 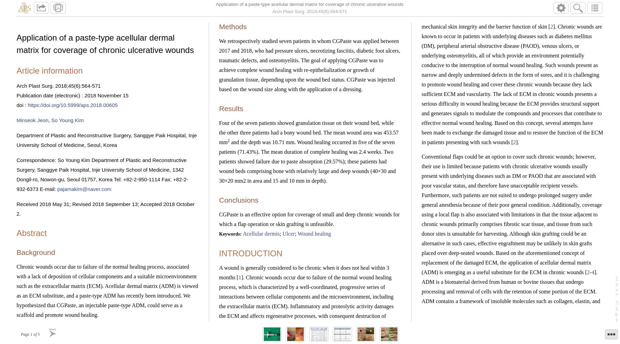 What do you see at coordinates (31, 233) in the screenshot?
I see `'Abstract'` at bounding box center [31, 233].